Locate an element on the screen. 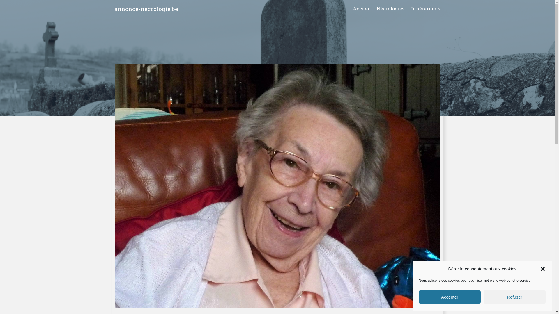  'Accepter' is located at coordinates (418, 297).